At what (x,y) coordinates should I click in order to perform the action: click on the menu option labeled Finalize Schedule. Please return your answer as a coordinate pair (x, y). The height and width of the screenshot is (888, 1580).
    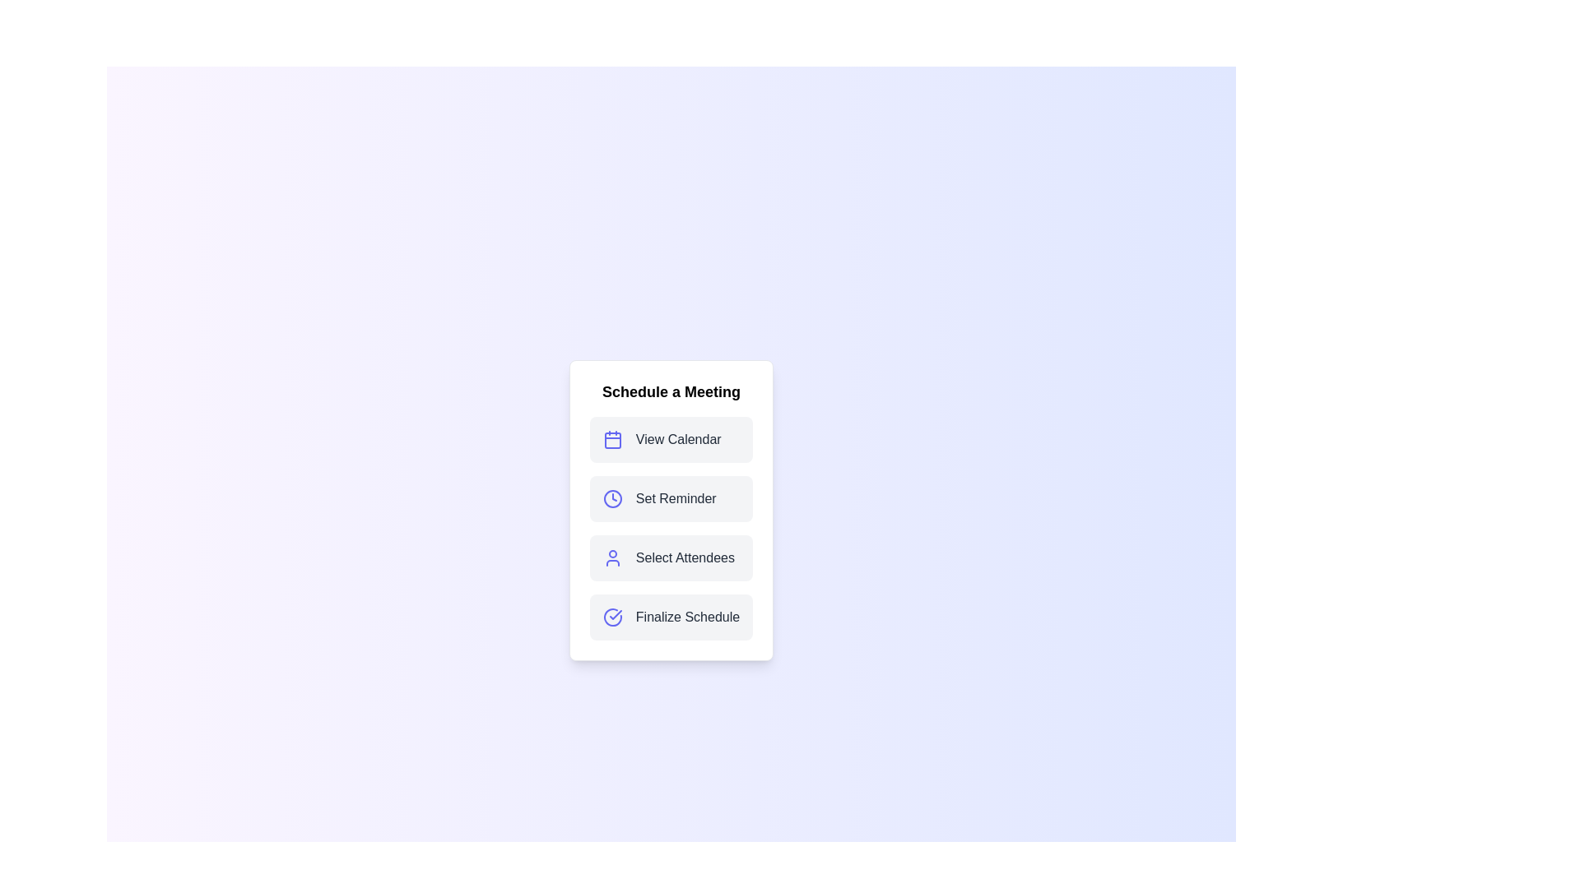
    Looking at the image, I should click on (671, 617).